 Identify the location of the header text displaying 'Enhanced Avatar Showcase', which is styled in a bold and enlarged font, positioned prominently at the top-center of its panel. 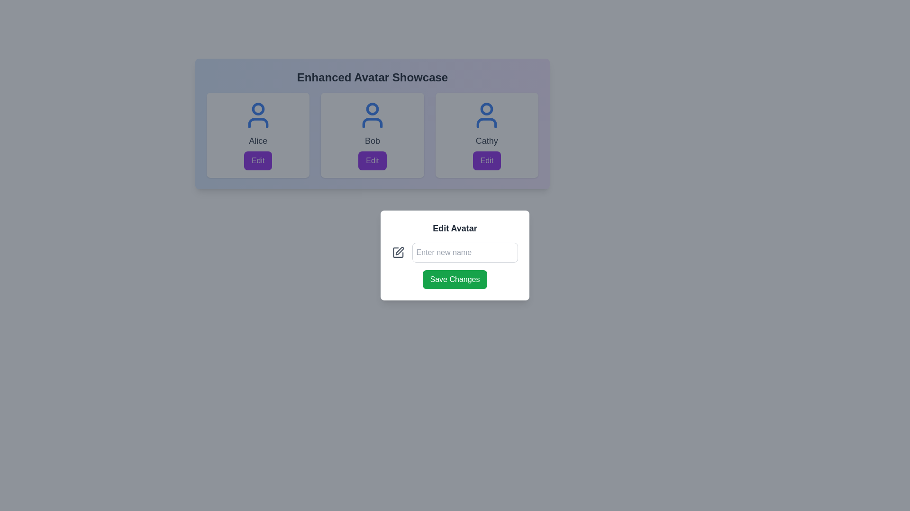
(372, 77).